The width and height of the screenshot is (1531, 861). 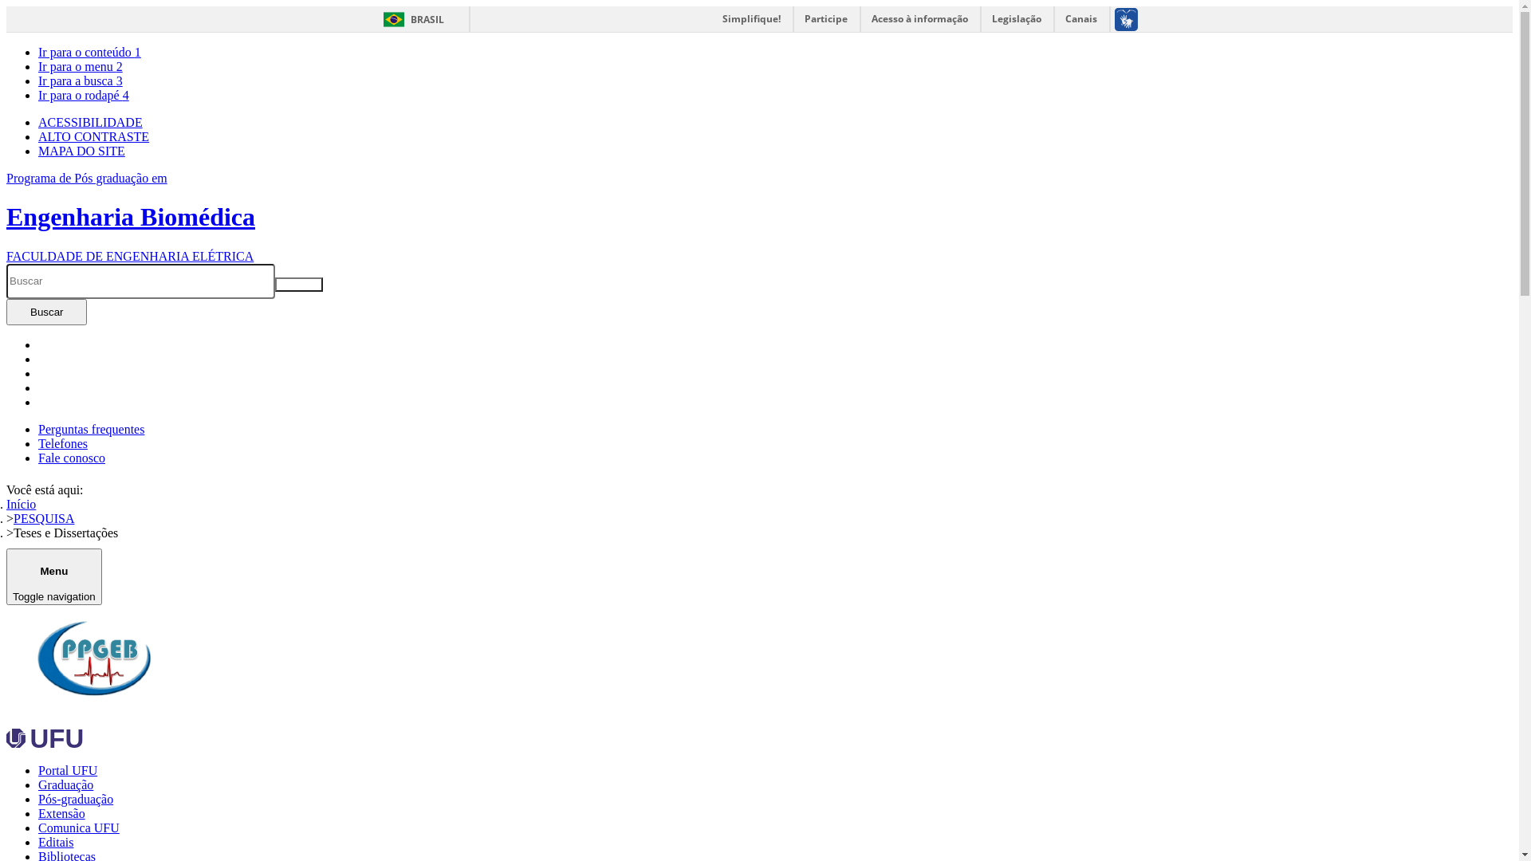 I want to click on 'Comunica UFU', so click(x=78, y=827).